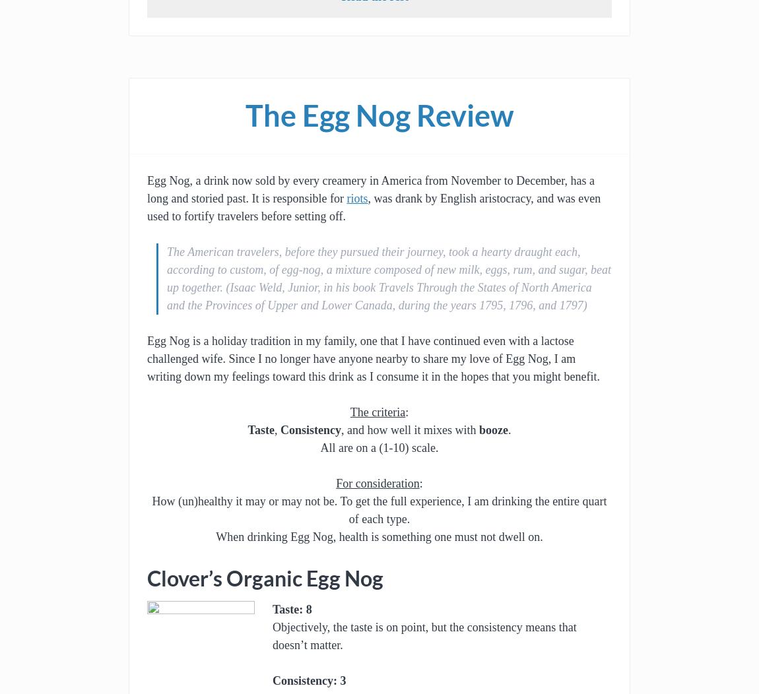 The image size is (759, 694). What do you see at coordinates (272, 679) in the screenshot?
I see `'Consistency: 3'` at bounding box center [272, 679].